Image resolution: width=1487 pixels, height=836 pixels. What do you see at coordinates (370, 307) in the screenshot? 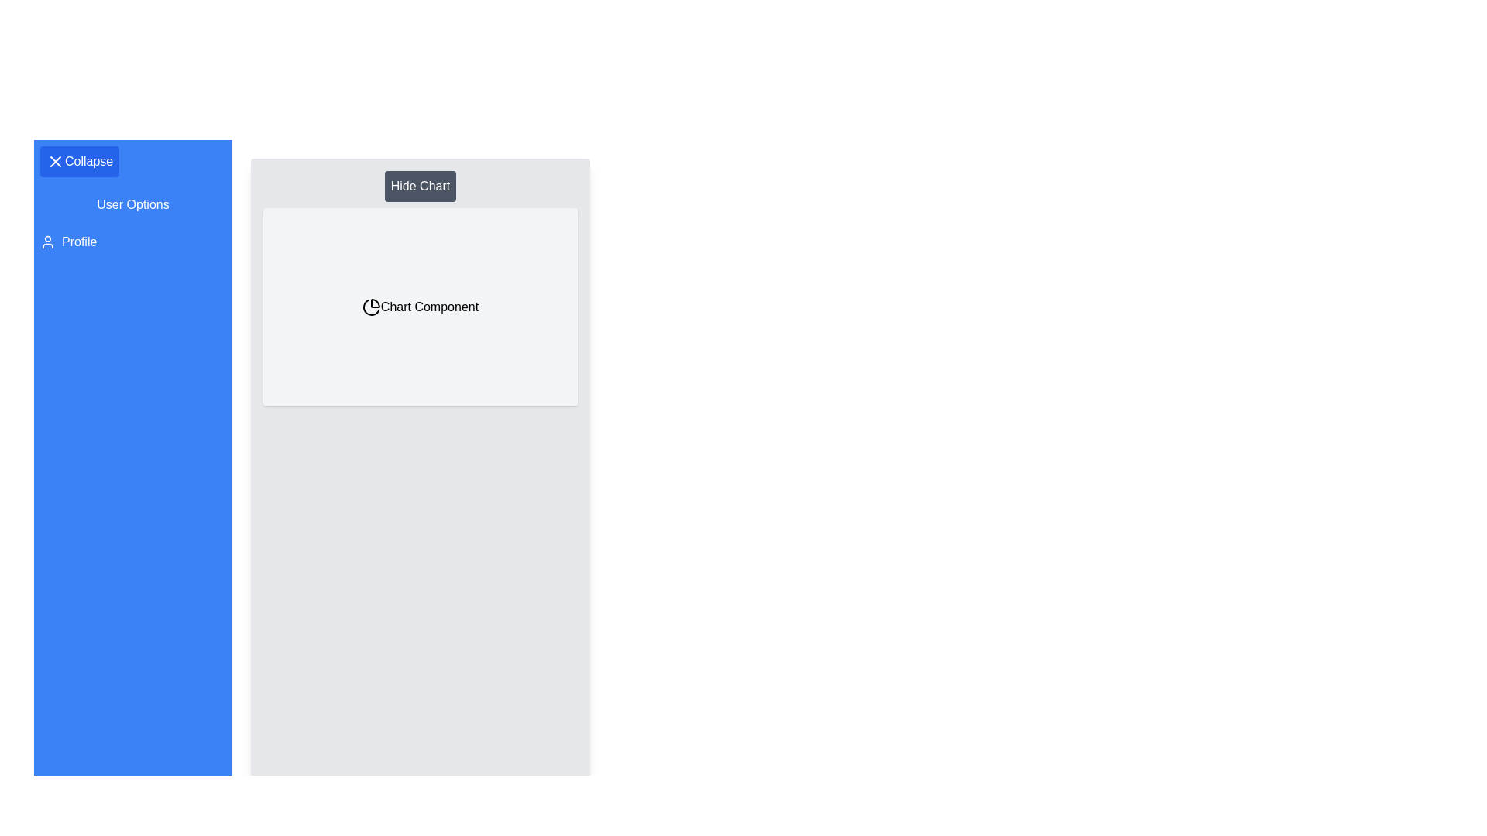
I see `the simplistic pie chart icon within the 'Chart Component' widget, which is outlined in black and has no fill` at bounding box center [370, 307].